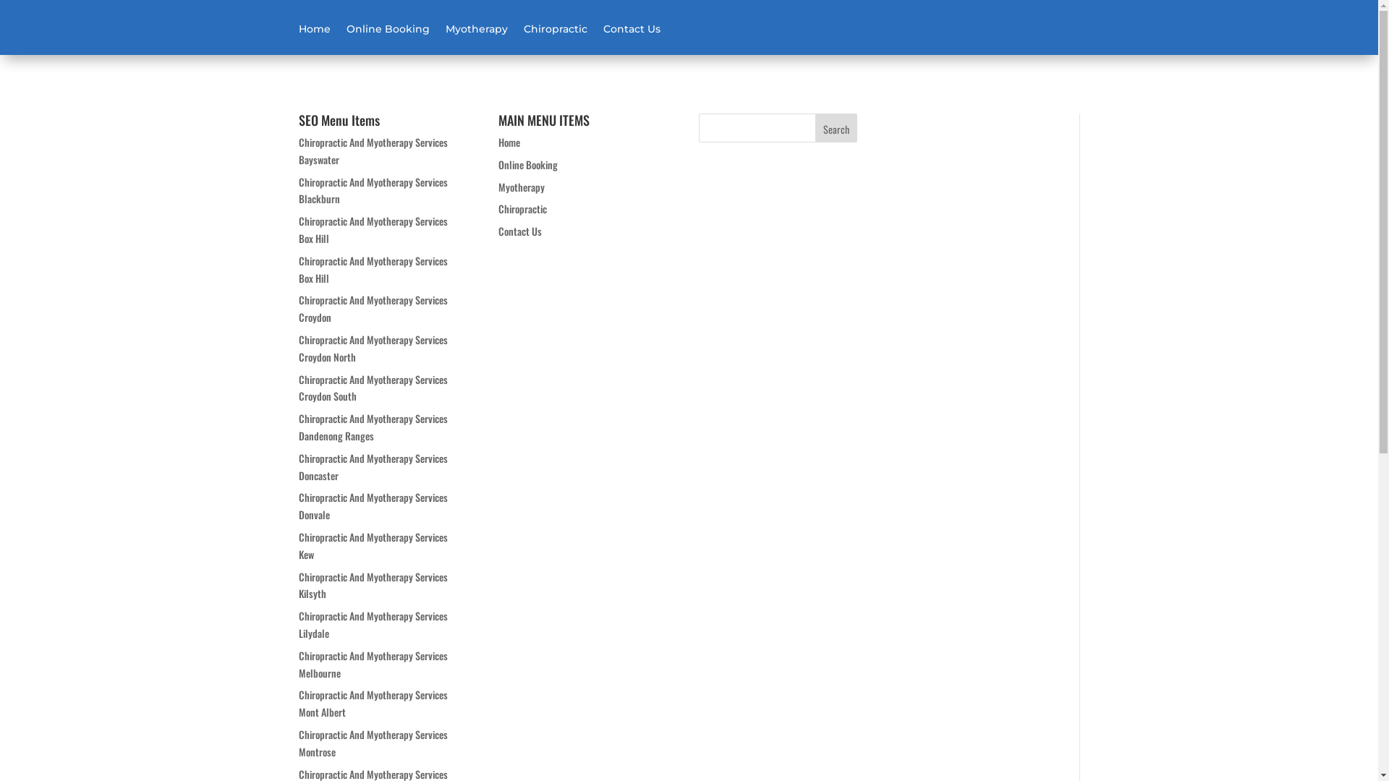 This screenshot has width=1389, height=781. Describe the element at coordinates (632, 38) in the screenshot. I see `'Contact Us'` at that location.